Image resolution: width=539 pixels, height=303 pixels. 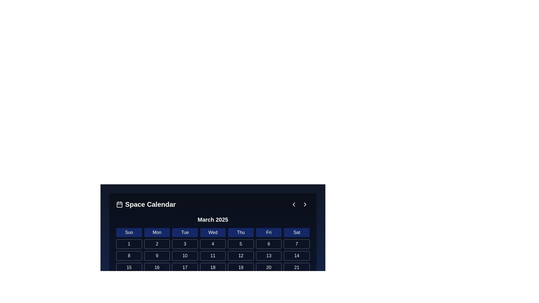 I want to click on displayed text of the 'Space Calendar' label, which is a bold, large white font text with a small calendar icon on its left, located in the top-left section of the interface, so click(x=146, y=205).